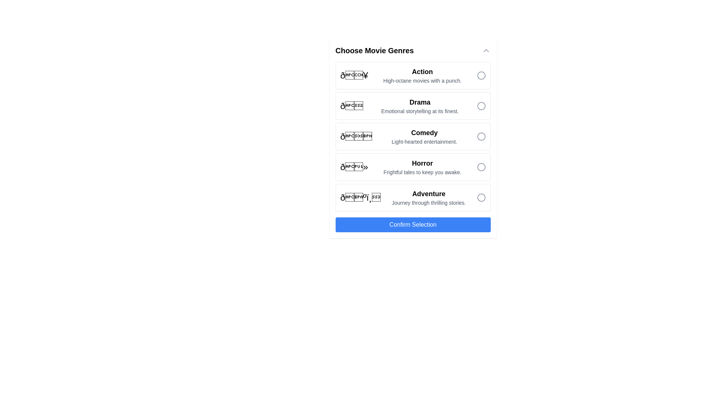 The image size is (716, 402). Describe the element at coordinates (486, 50) in the screenshot. I see `the collapse button located in the top-right corner of the 'Choose Movie Genres' modal dialog` at that location.